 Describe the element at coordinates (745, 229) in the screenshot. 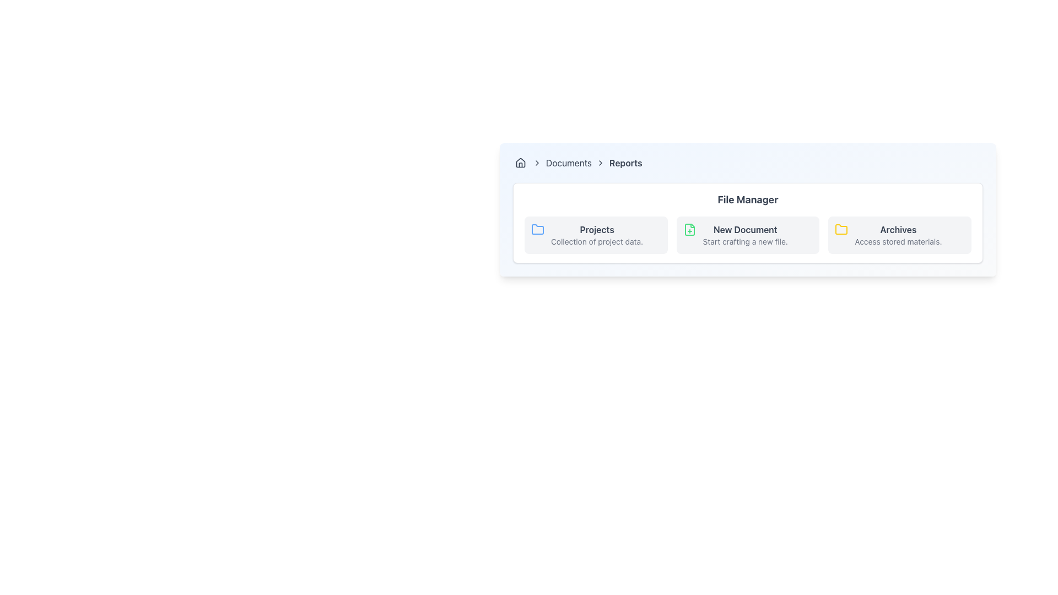

I see `the bold text label 'New Document' which is dark gray in color, located centrally in the 'File Manager' section, positioned between 'Projects' and 'Archives'` at that location.